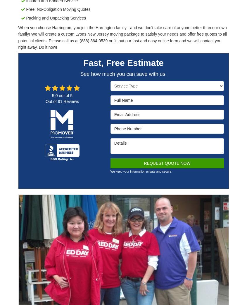 This screenshot has height=305, width=247. What do you see at coordinates (122, 37) in the screenshot?
I see `'When you choose Harrington, you join the  Harrington family - and we don't take care of anyone better than our own  family! We will create a custom Lyons New Jersey moving package to satisfy your  needs and offer free quotes to all potential clients. Please call us at  (888) 364-0539 or fill out our fast and easy online form and we will contact you  right away. Do it now!'` at bounding box center [122, 37].